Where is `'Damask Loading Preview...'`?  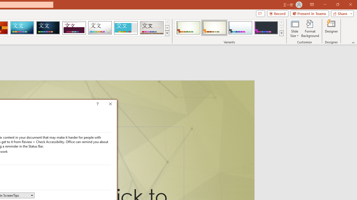 'Damask Loading Preview...' is located at coordinates (48, 28).